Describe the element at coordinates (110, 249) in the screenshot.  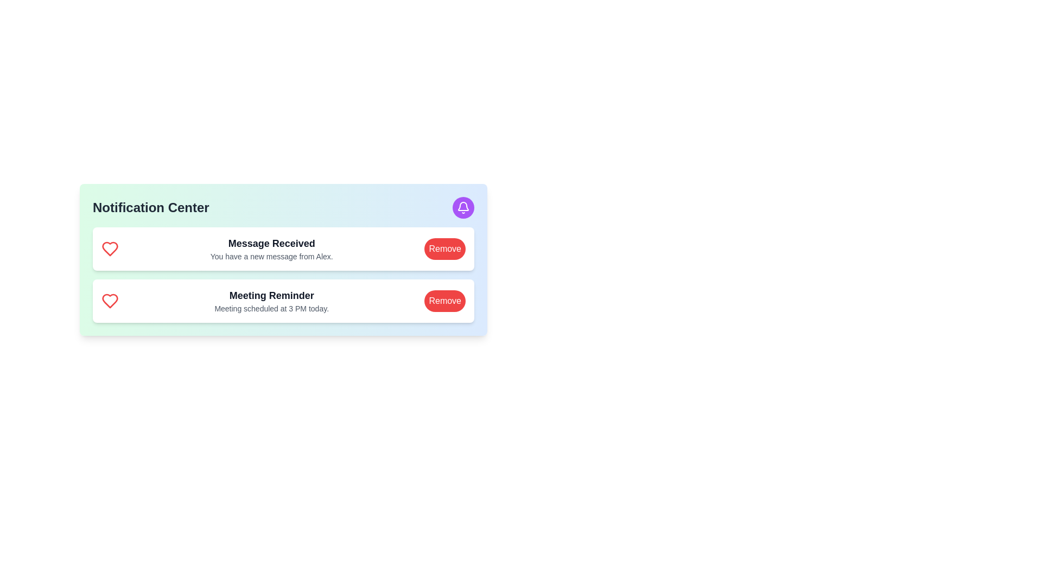
I see `the heart icon located in the second notification entry of the list, which indicates a love or favorite theme and is positioned directly to the left of the 'Meeting Reminder' title` at that location.